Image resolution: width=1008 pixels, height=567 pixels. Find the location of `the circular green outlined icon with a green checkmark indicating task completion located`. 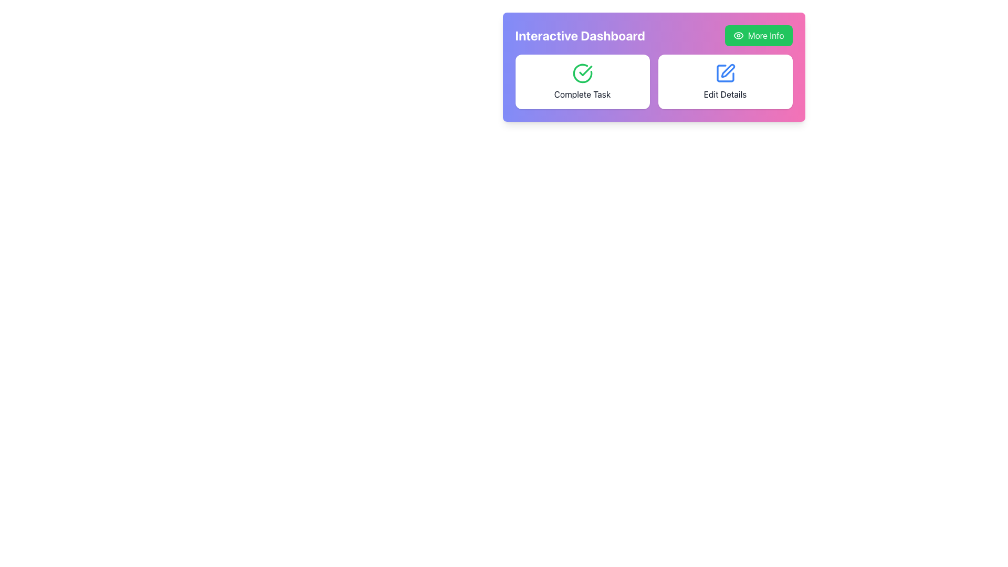

the circular green outlined icon with a green checkmark indicating task completion located is located at coordinates (582, 72).